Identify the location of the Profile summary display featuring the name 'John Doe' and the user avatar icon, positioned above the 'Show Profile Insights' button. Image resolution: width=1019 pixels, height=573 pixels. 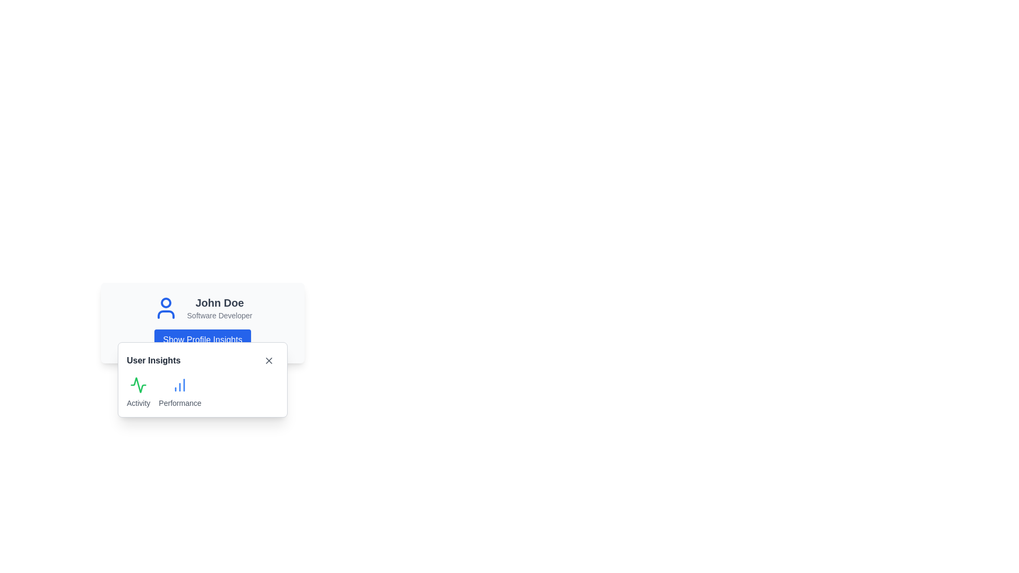
(203, 308).